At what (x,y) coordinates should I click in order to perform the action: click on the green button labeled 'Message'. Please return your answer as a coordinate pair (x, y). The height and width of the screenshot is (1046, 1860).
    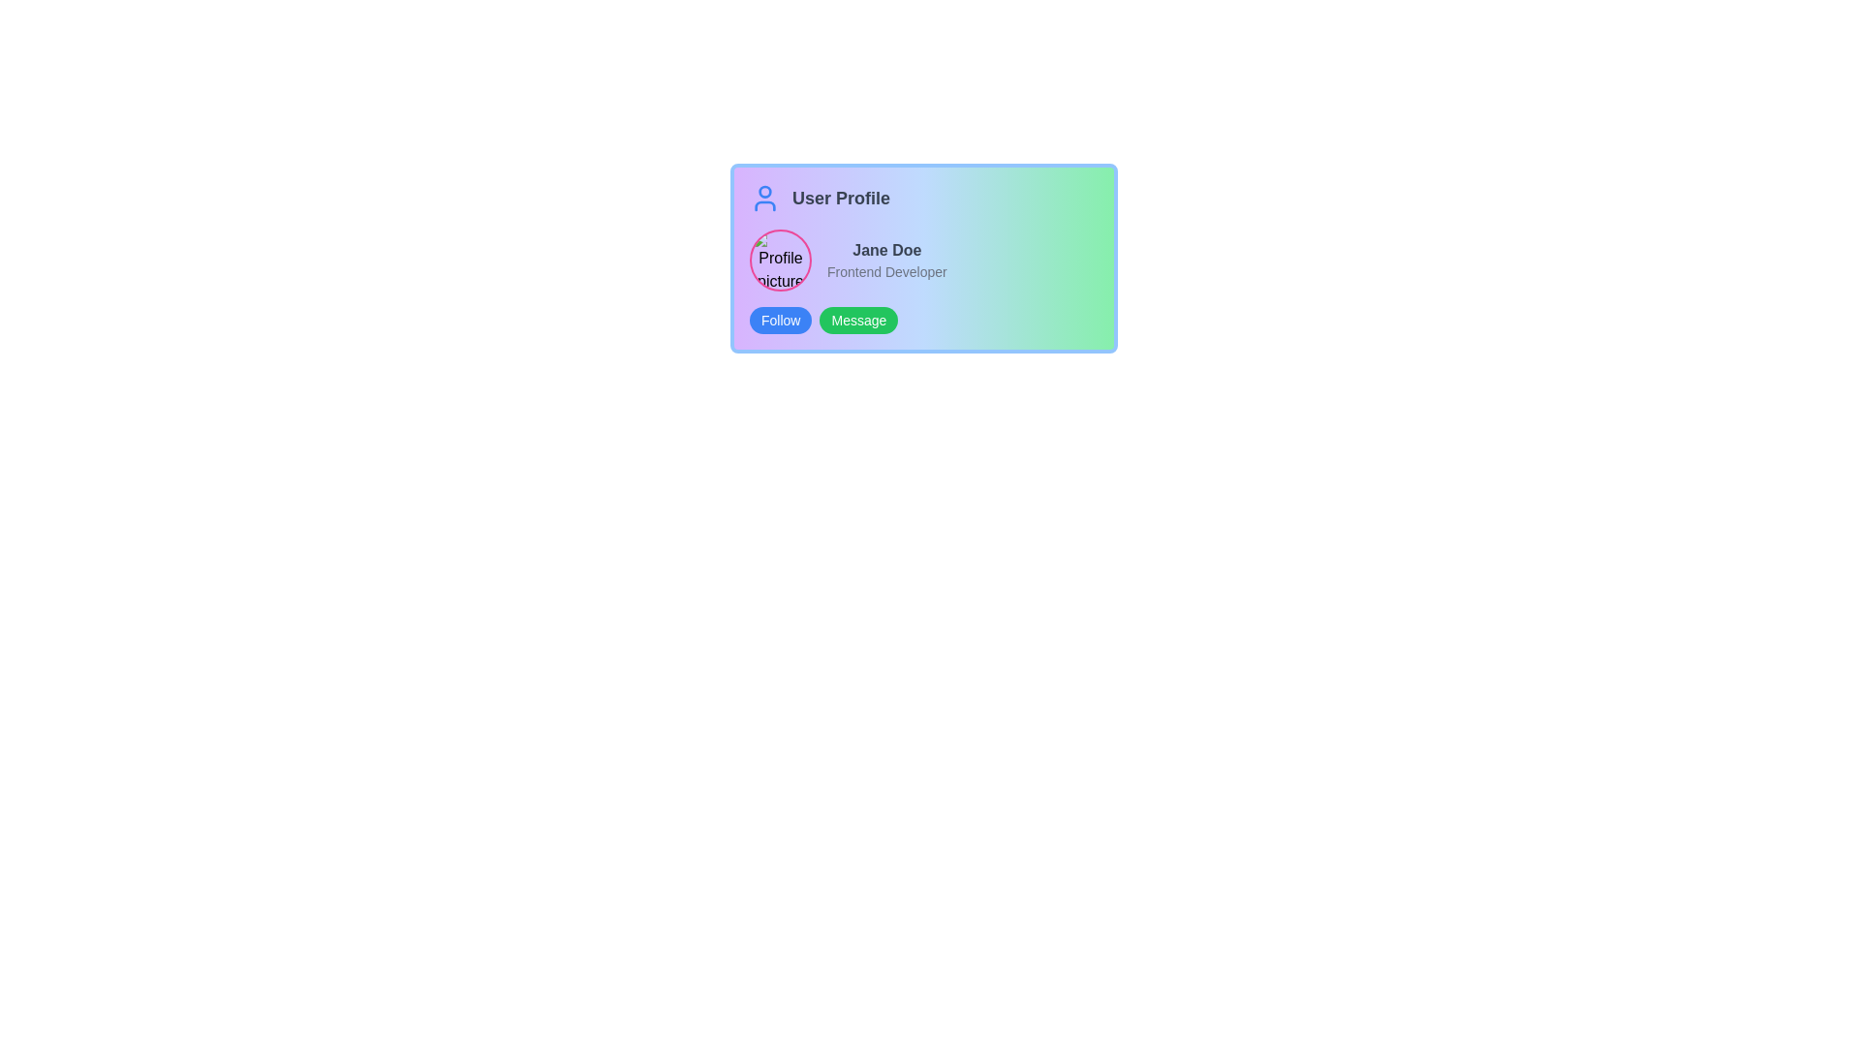
    Looking at the image, I should click on (857, 320).